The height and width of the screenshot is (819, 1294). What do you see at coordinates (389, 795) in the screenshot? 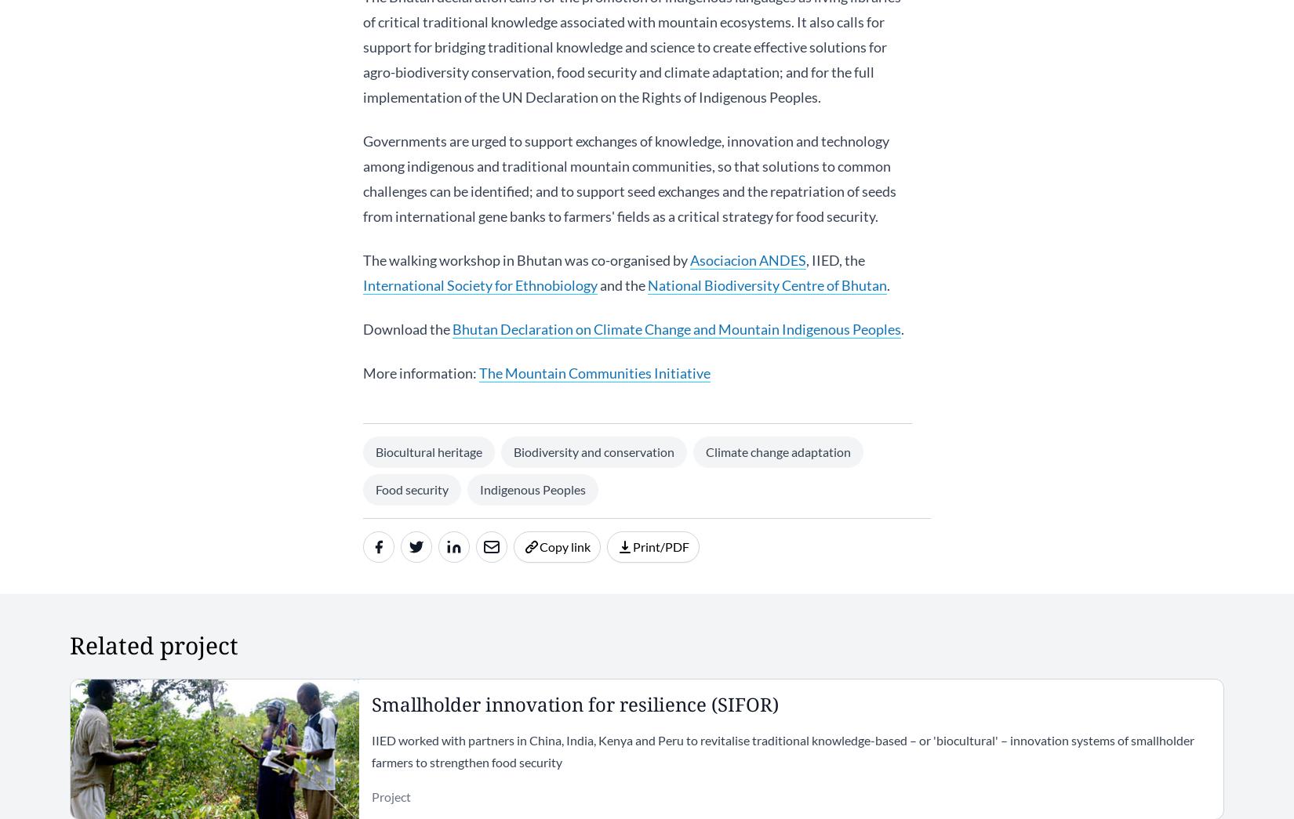
I see `'Project'` at bounding box center [389, 795].